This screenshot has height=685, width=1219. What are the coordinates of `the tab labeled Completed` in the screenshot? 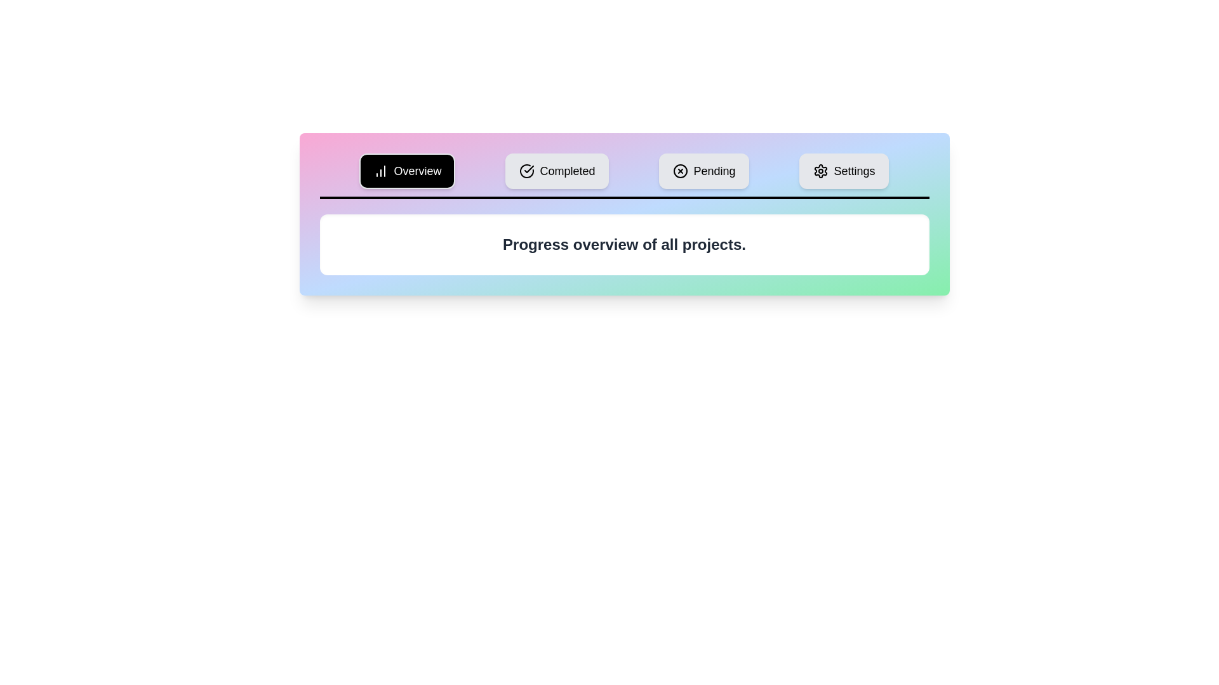 It's located at (557, 171).